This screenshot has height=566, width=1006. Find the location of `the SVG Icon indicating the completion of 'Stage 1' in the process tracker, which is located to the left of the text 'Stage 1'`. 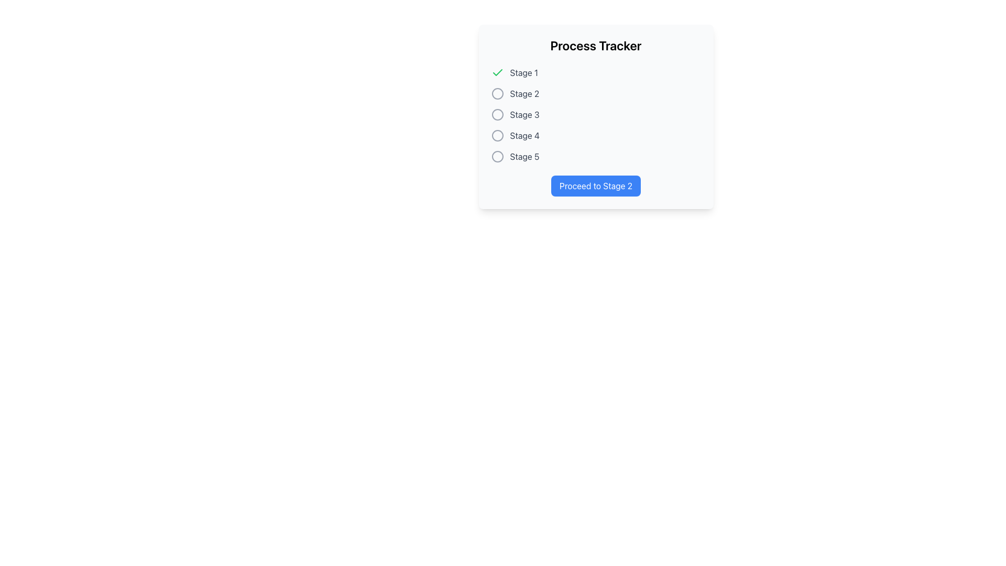

the SVG Icon indicating the completion of 'Stage 1' in the process tracker, which is located to the left of the text 'Stage 1' is located at coordinates (497, 72).